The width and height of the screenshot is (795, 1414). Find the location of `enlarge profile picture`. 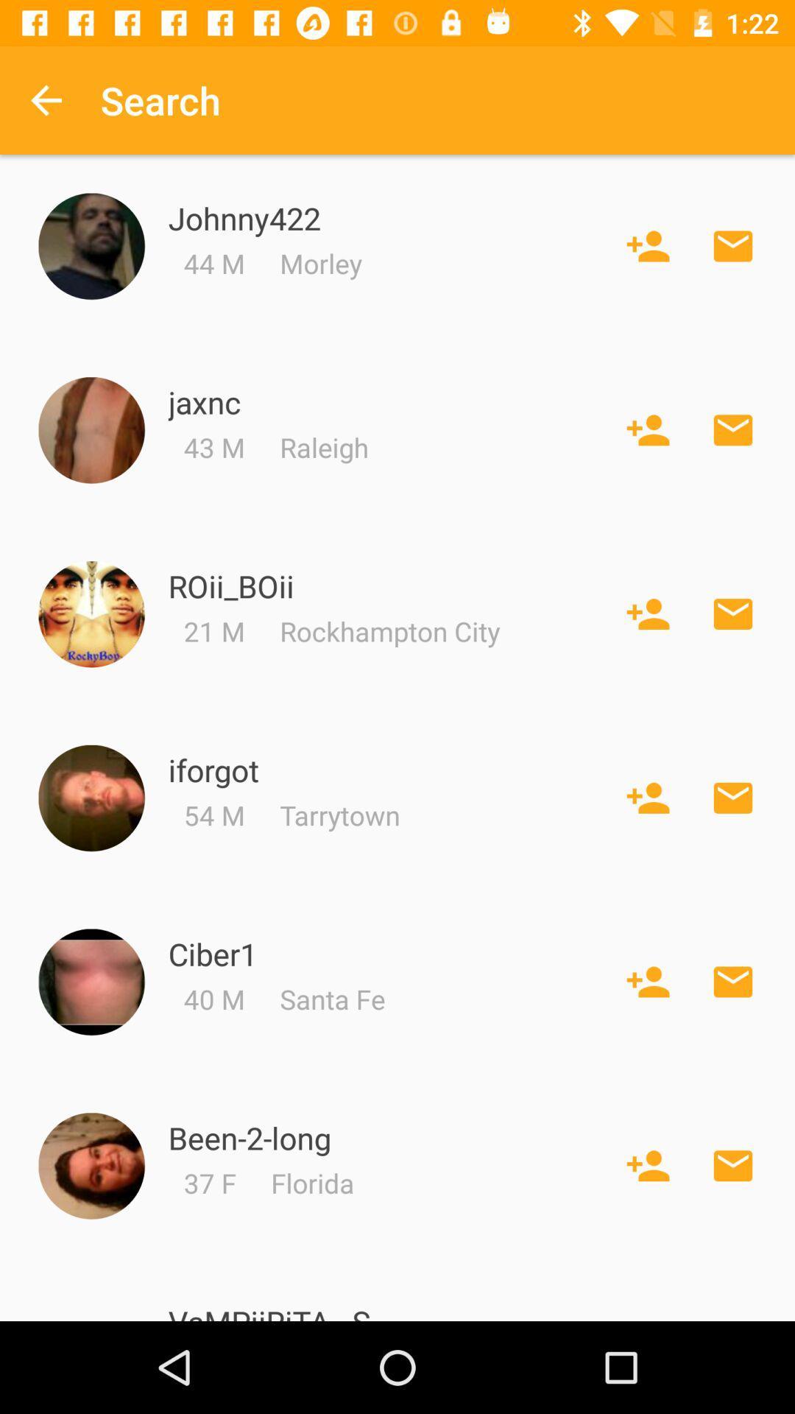

enlarge profile picture is located at coordinates (91, 429).